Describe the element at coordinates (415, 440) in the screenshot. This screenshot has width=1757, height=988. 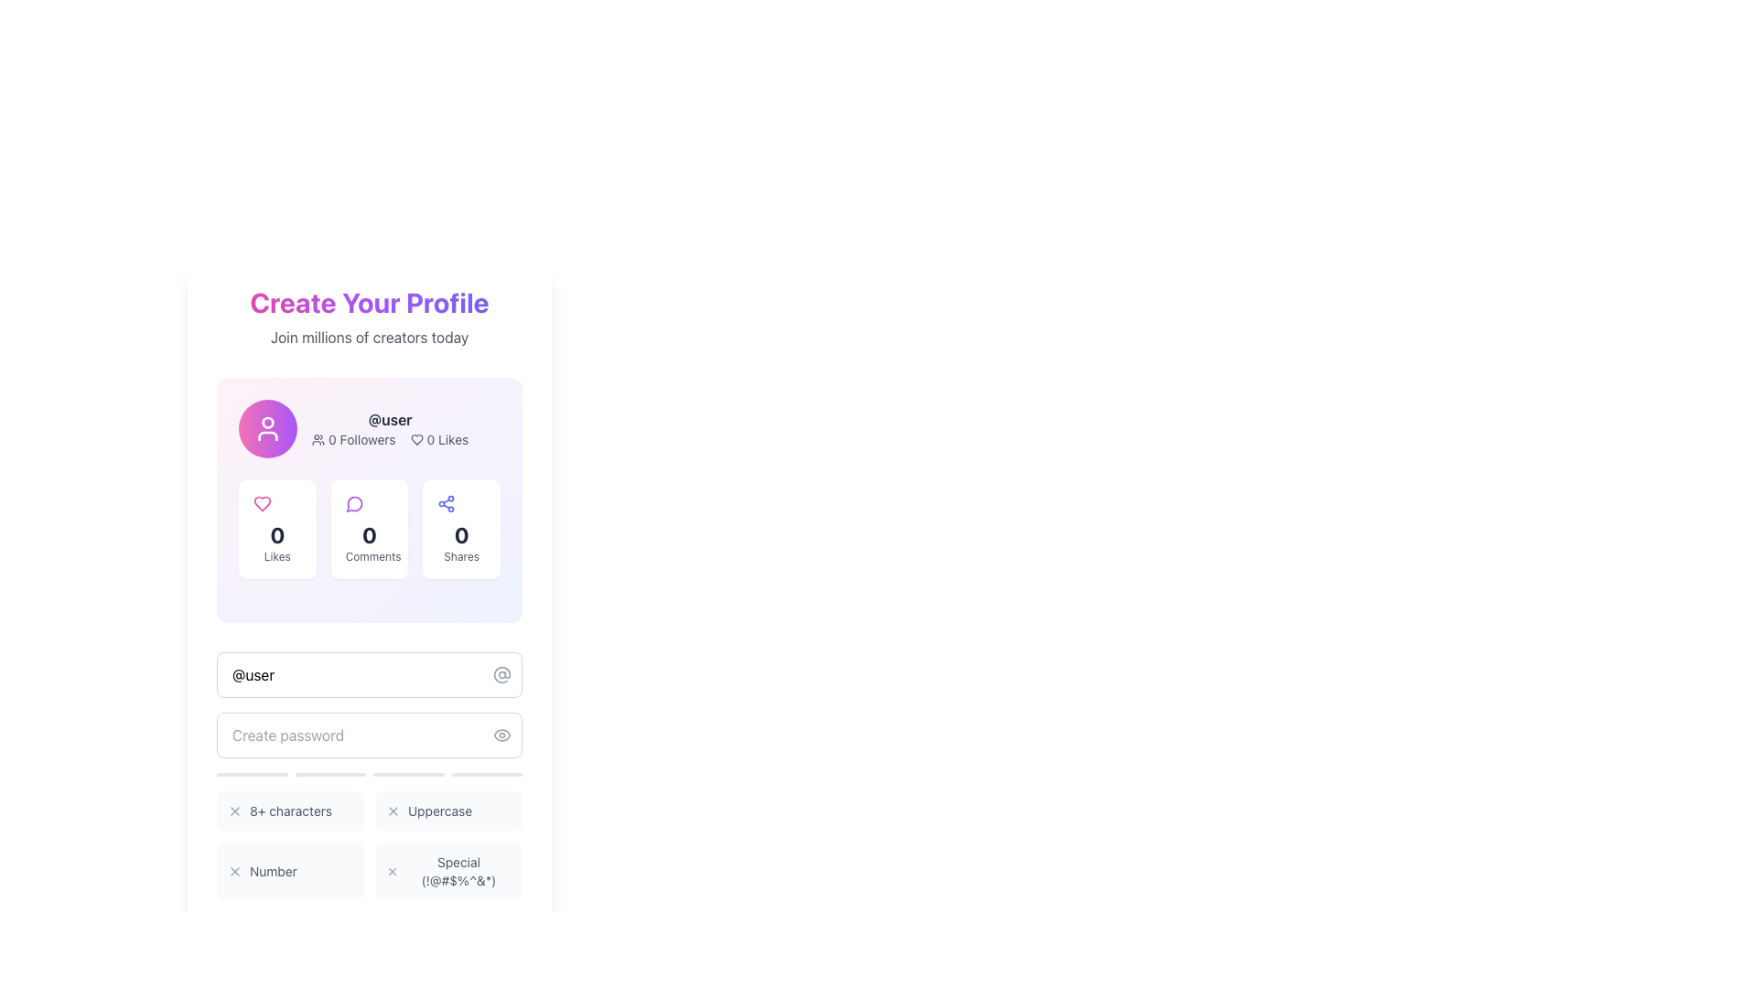
I see `the heart icon which serves as a visual indicator for the 'Likes' count, located at the top-left corner of a three-column layout within a card-like section` at that location.